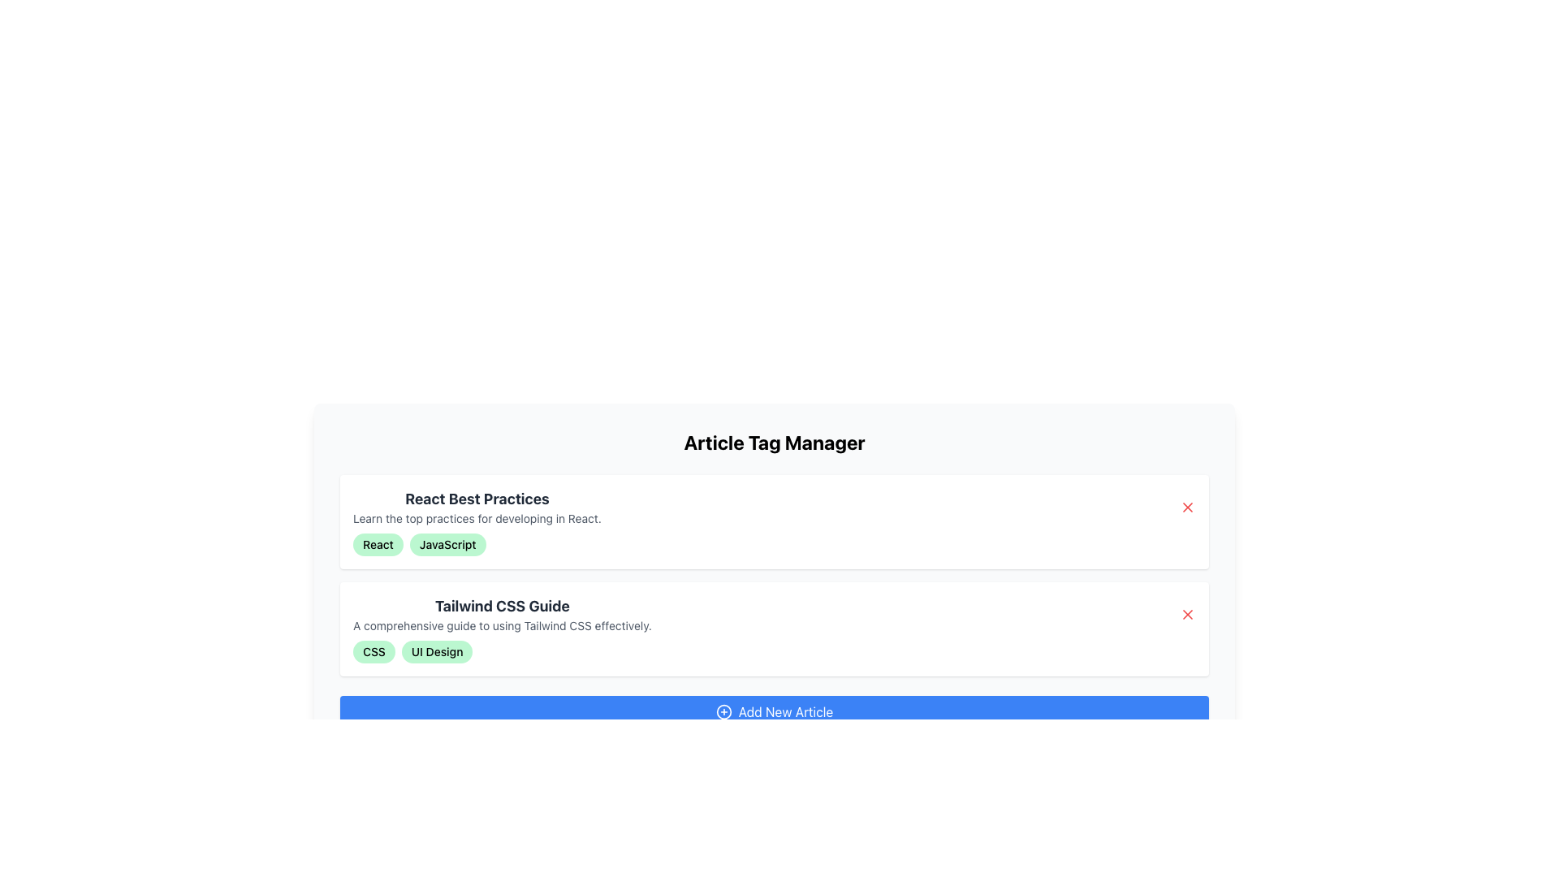  What do you see at coordinates (1188, 506) in the screenshot?
I see `the red 'X' button located at the top-right corner of the 'React Best Practices' section` at bounding box center [1188, 506].